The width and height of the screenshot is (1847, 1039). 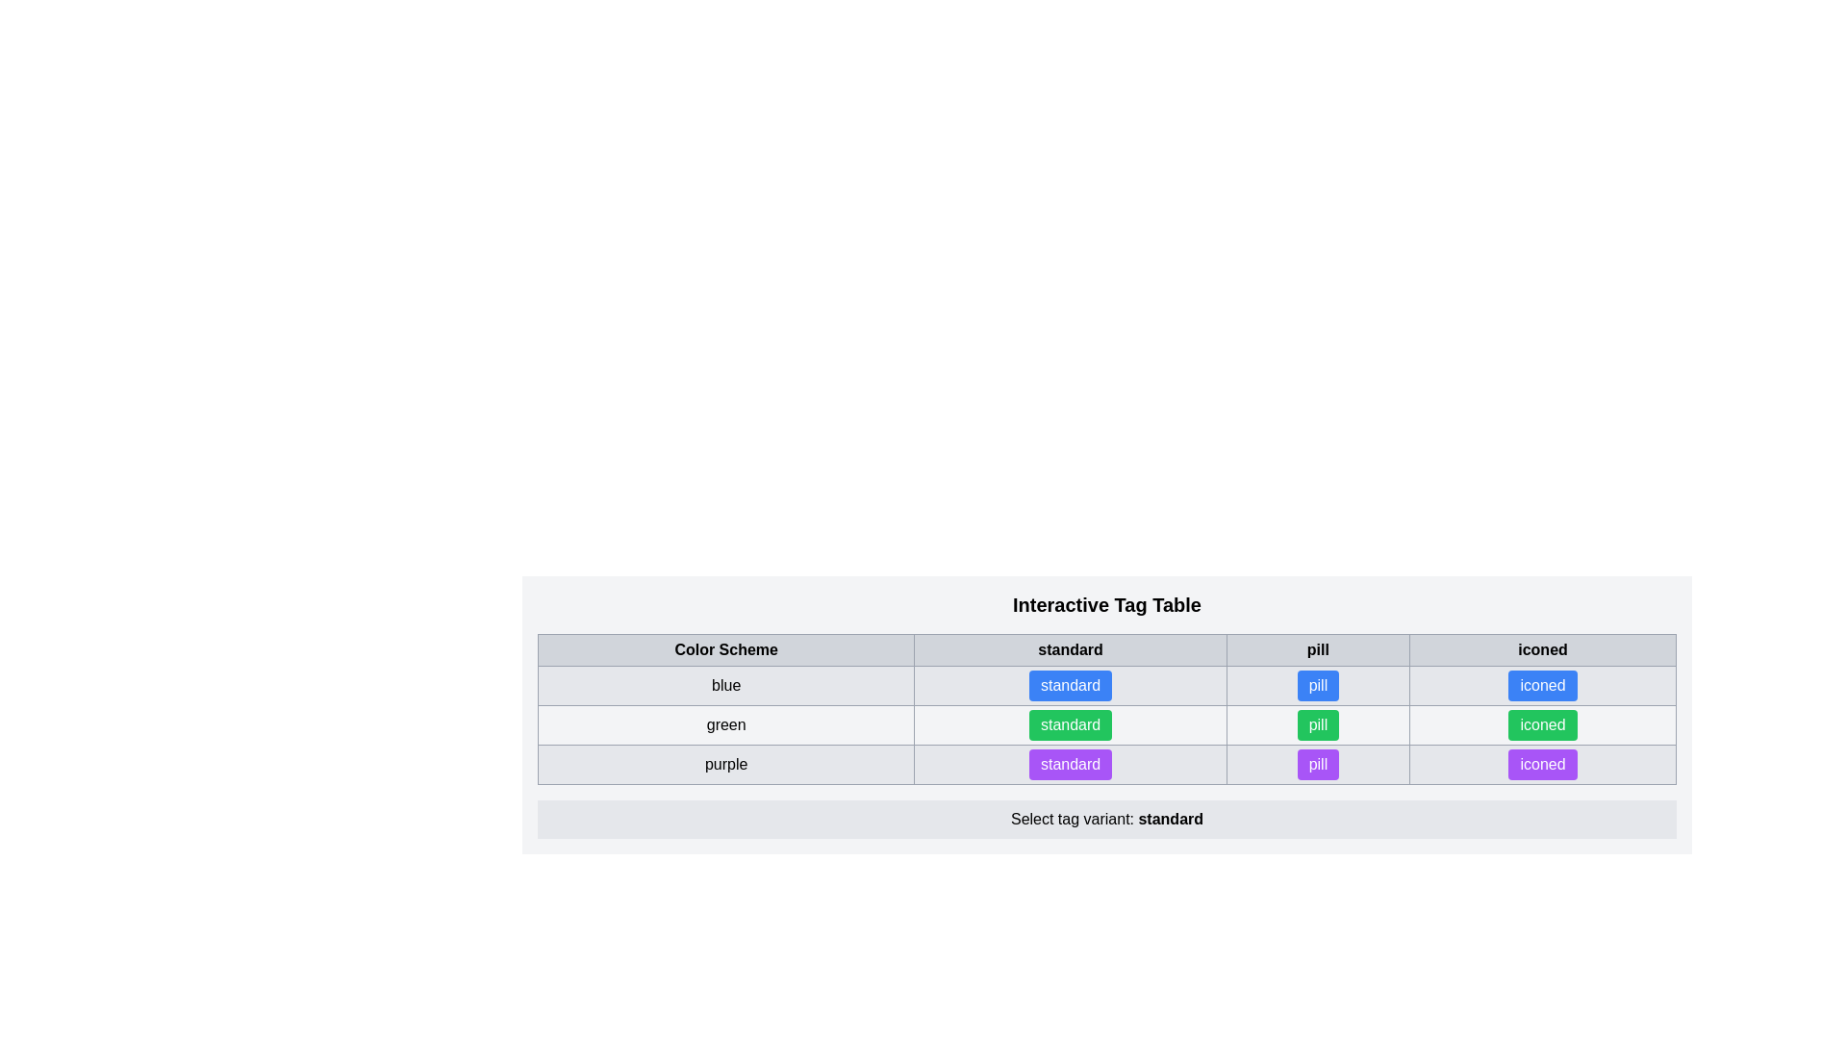 I want to click on the last button in the green-themed row of the grid under the 'iconed' column, so click(x=1542, y=724).